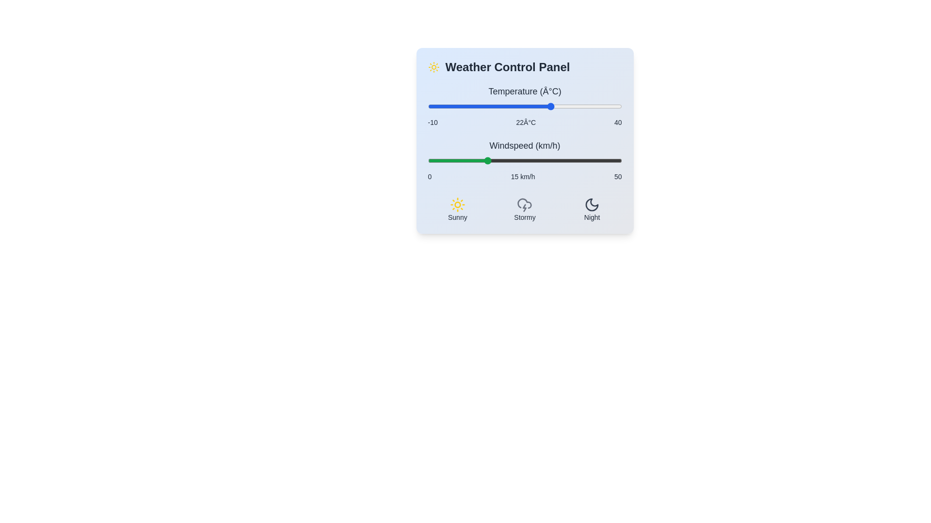 This screenshot has height=523, width=931. I want to click on the temperature, so click(594, 106).